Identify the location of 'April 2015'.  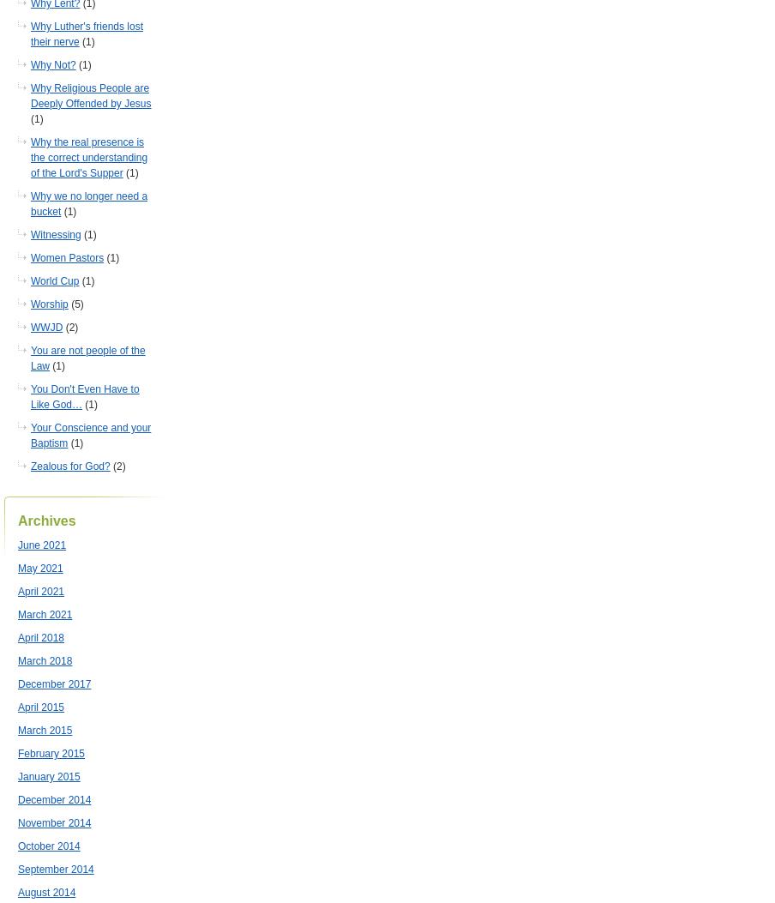
(40, 707).